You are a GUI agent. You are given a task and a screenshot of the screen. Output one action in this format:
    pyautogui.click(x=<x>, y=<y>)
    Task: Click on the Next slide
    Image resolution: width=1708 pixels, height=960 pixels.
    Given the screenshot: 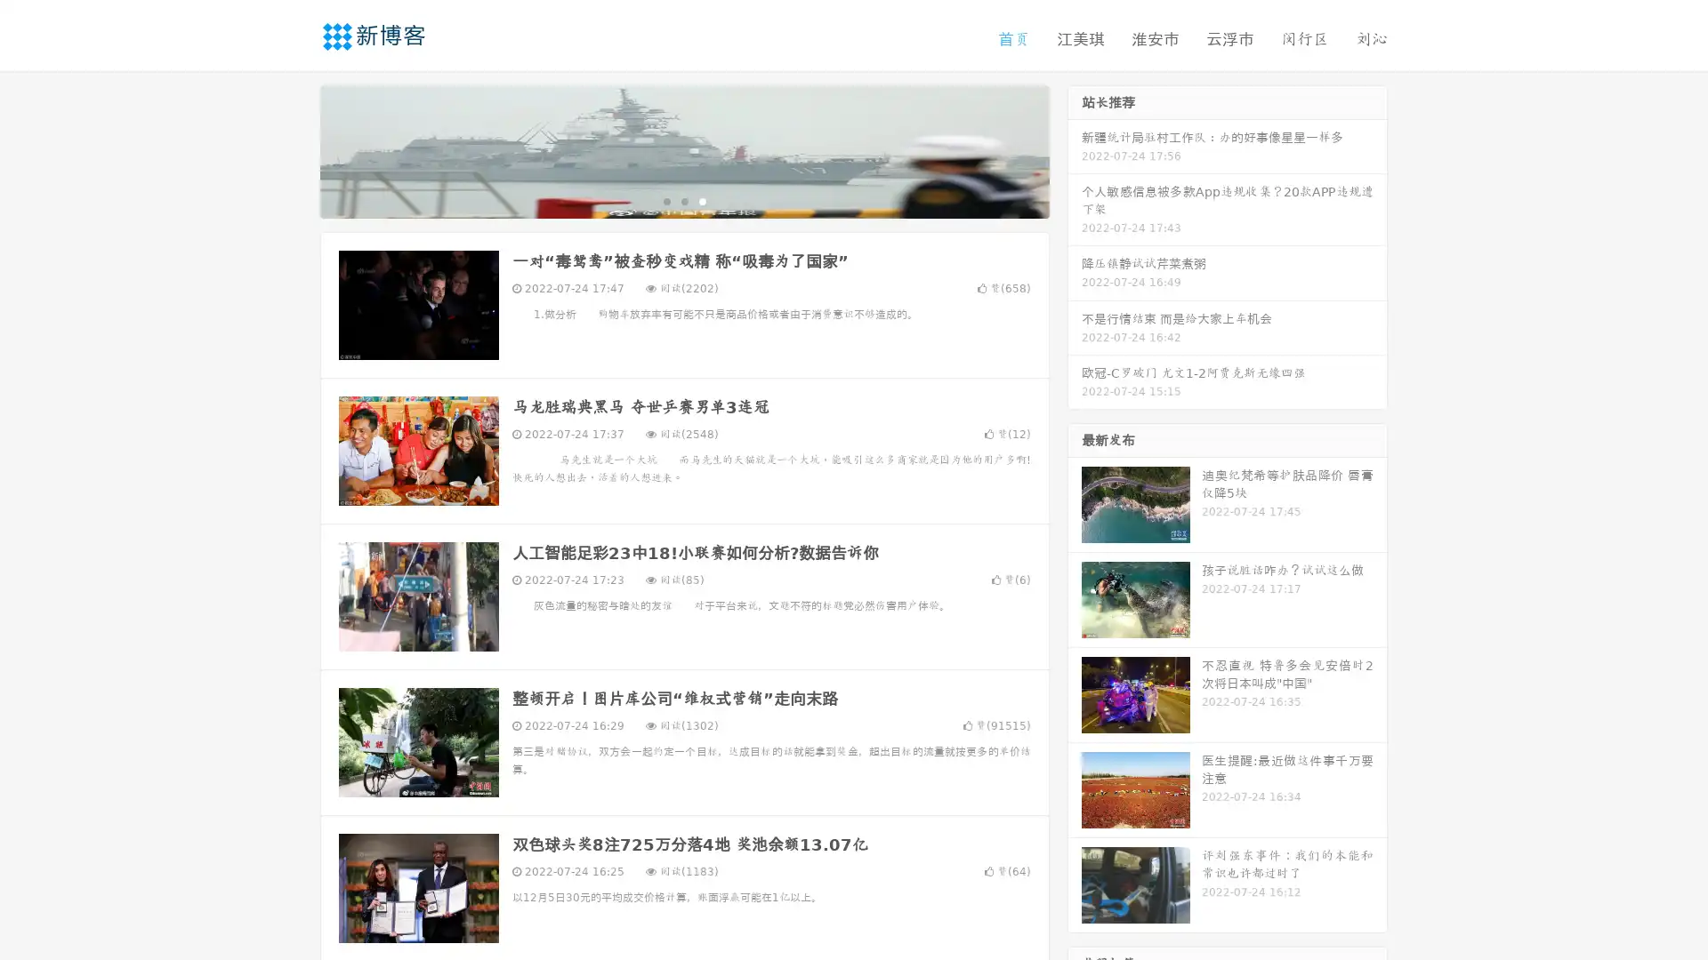 What is the action you would take?
    pyautogui.click(x=1075, y=149)
    